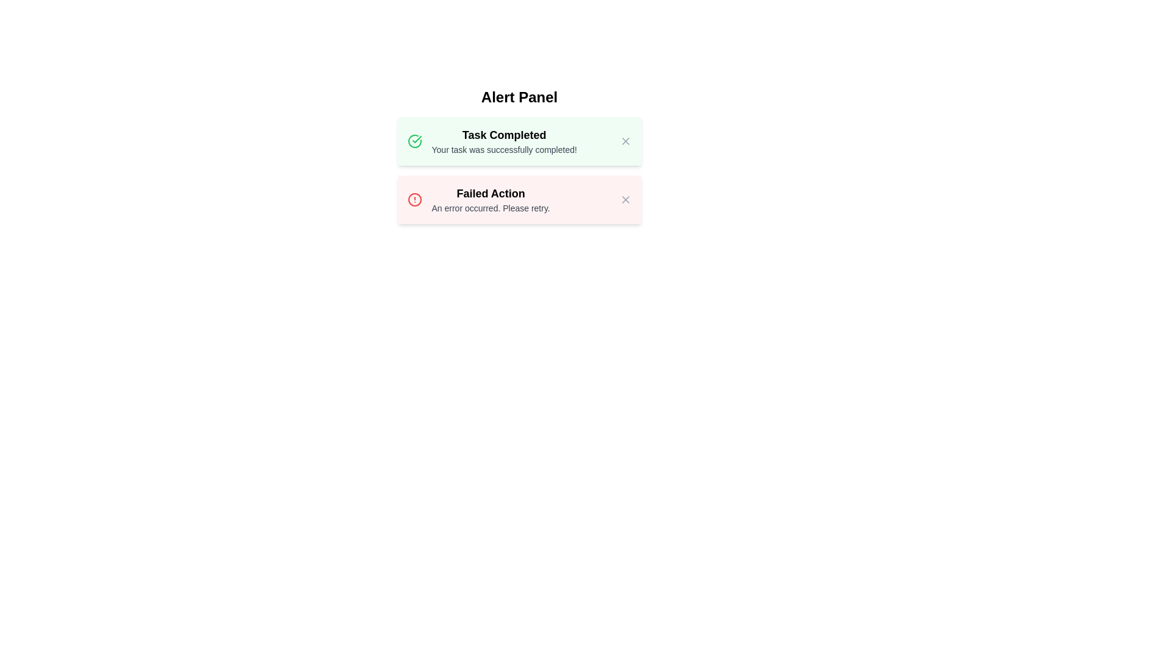 This screenshot has width=1170, height=658. Describe the element at coordinates (625, 140) in the screenshot. I see `the Close button (SVG 'X') located at the top right of the green success panel labeled 'Task Completed'` at that location.